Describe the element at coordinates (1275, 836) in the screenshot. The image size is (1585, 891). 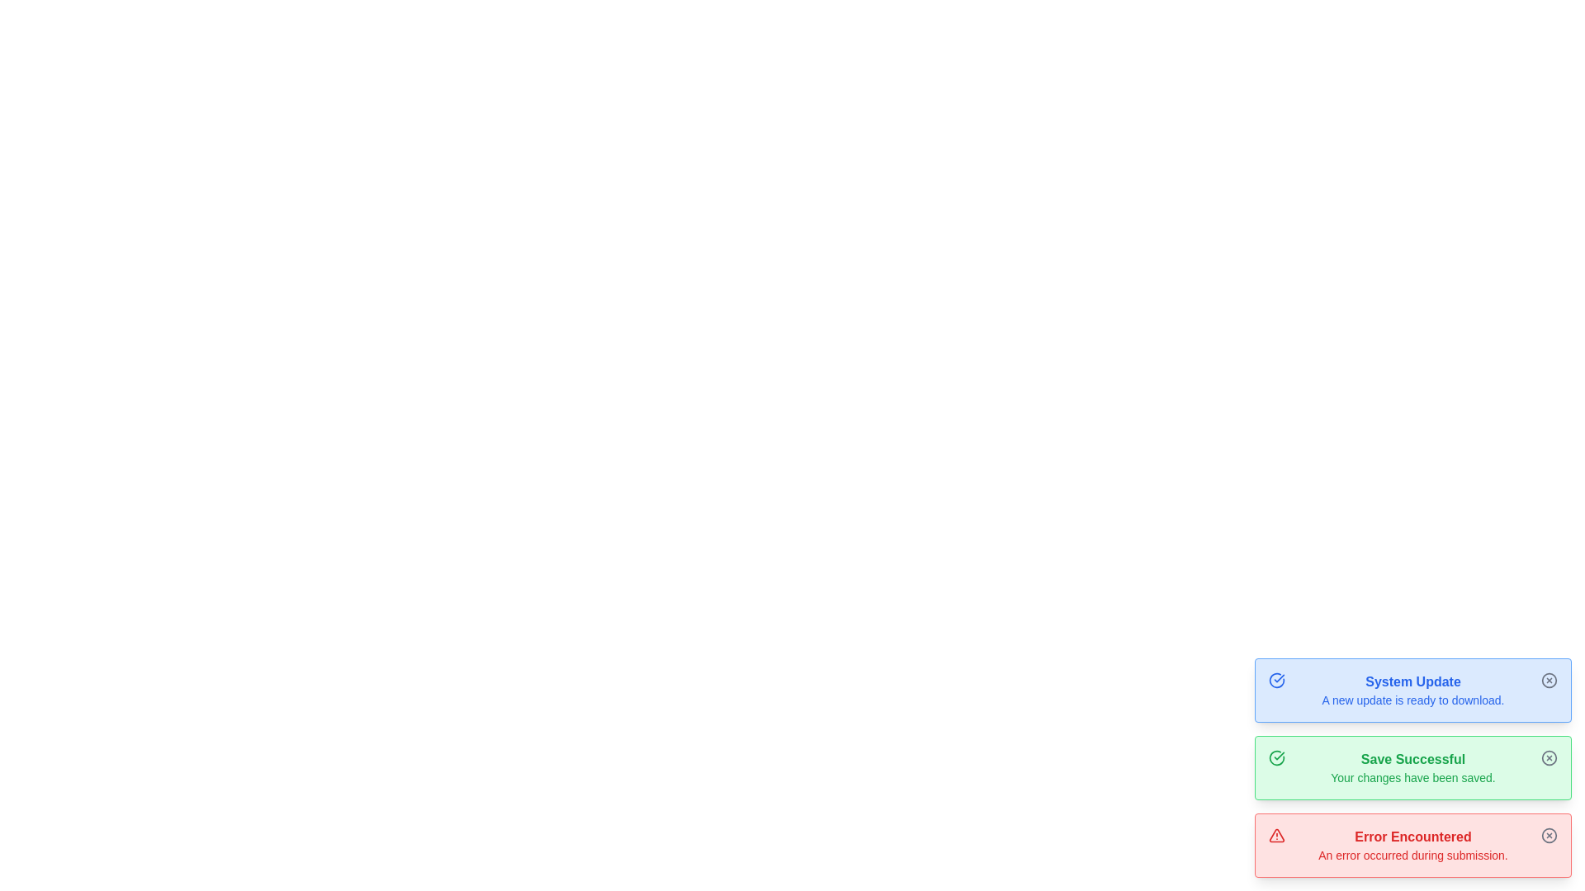
I see `the error alert icon located at the left side of the 'Error Encountered' message box, found at the bottom of the notification stack` at that location.